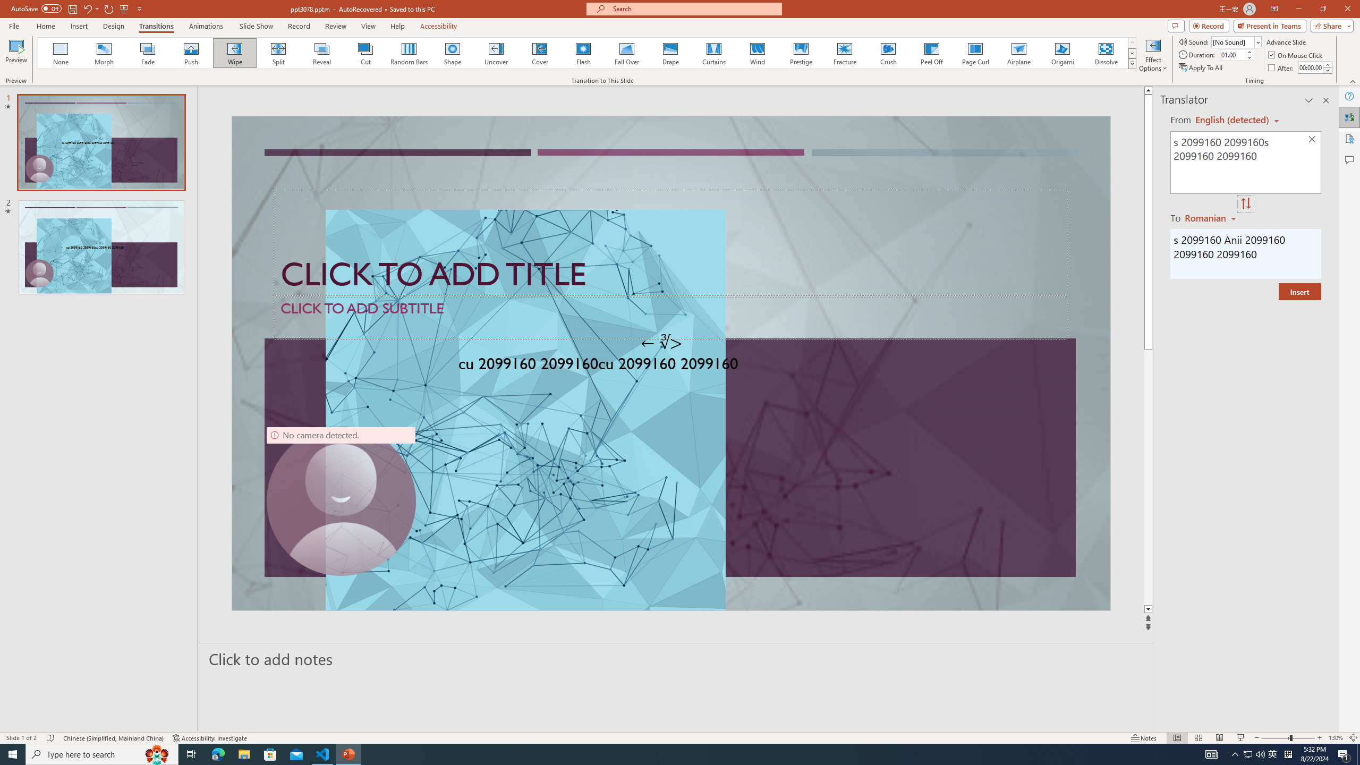  What do you see at coordinates (756, 53) in the screenshot?
I see `'Wind'` at bounding box center [756, 53].